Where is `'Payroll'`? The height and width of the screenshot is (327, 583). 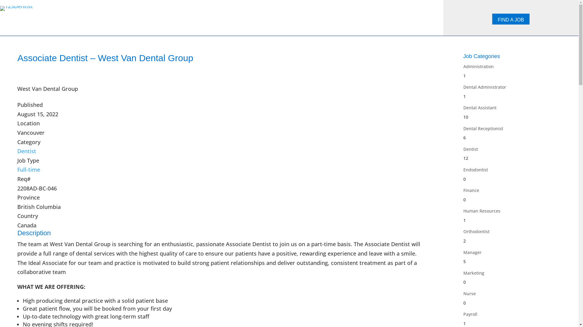 'Payroll' is located at coordinates (470, 314).